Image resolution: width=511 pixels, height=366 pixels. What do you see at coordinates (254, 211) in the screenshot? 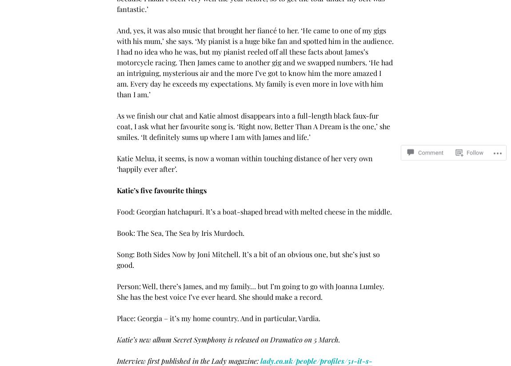
I see `'Food: Georgian hatchapuri. It’s a boat-shaped bread with melted cheese in the middle.'` at bounding box center [254, 211].